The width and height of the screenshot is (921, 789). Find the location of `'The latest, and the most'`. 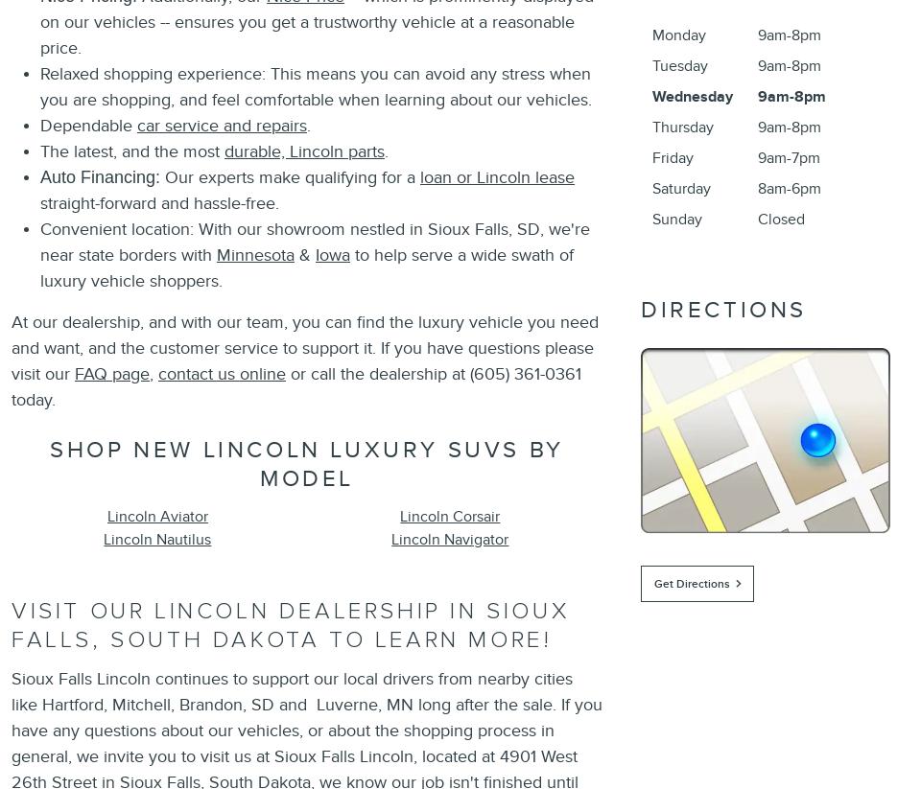

'The latest, and the most' is located at coordinates (130, 150).